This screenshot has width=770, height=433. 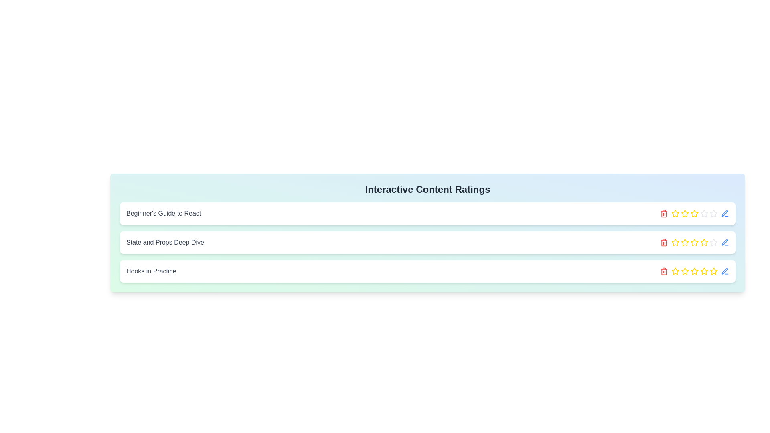 What do you see at coordinates (664, 213) in the screenshot?
I see `the delete button located to the left of the rating stars in the first content row to initiate the delete action` at bounding box center [664, 213].